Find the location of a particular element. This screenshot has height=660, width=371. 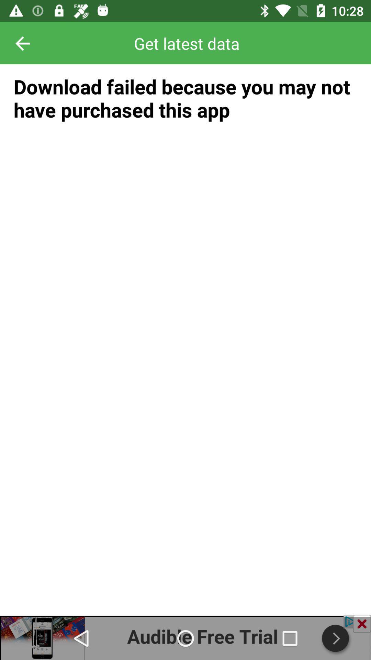

music is located at coordinates (185, 637).